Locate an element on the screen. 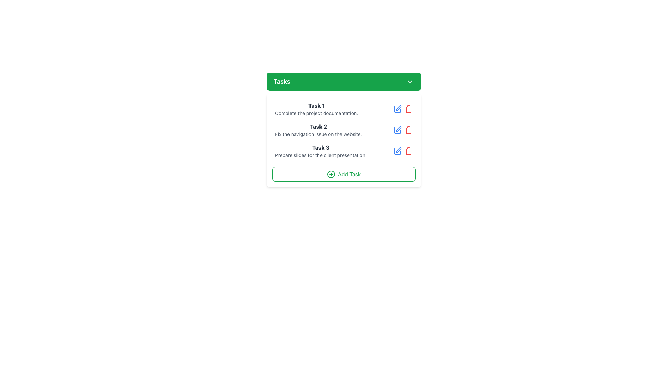 Image resolution: width=661 pixels, height=372 pixels. the second task's text content area, which displays a bold dark gray title and a smaller light gray description is located at coordinates (318, 130).